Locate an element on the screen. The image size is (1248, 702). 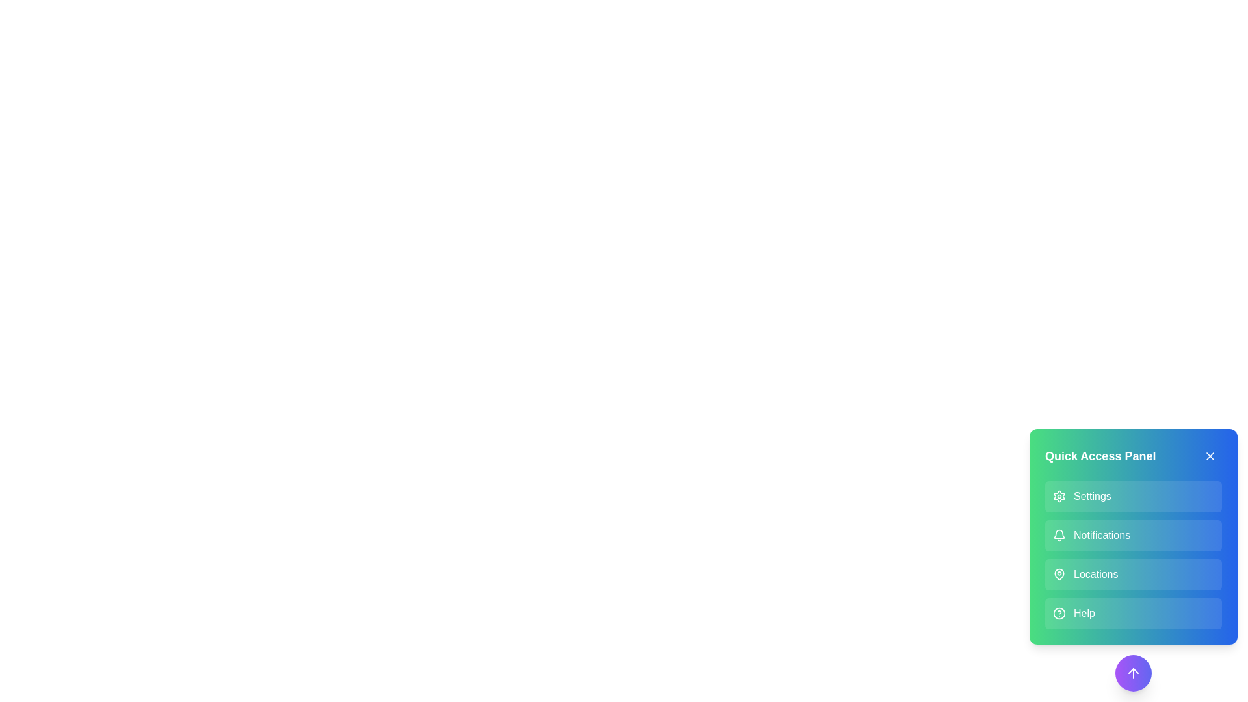
the circular question mark icon located within the 'Help' button at the bottom section of the quick-access panel is located at coordinates (1059, 614).